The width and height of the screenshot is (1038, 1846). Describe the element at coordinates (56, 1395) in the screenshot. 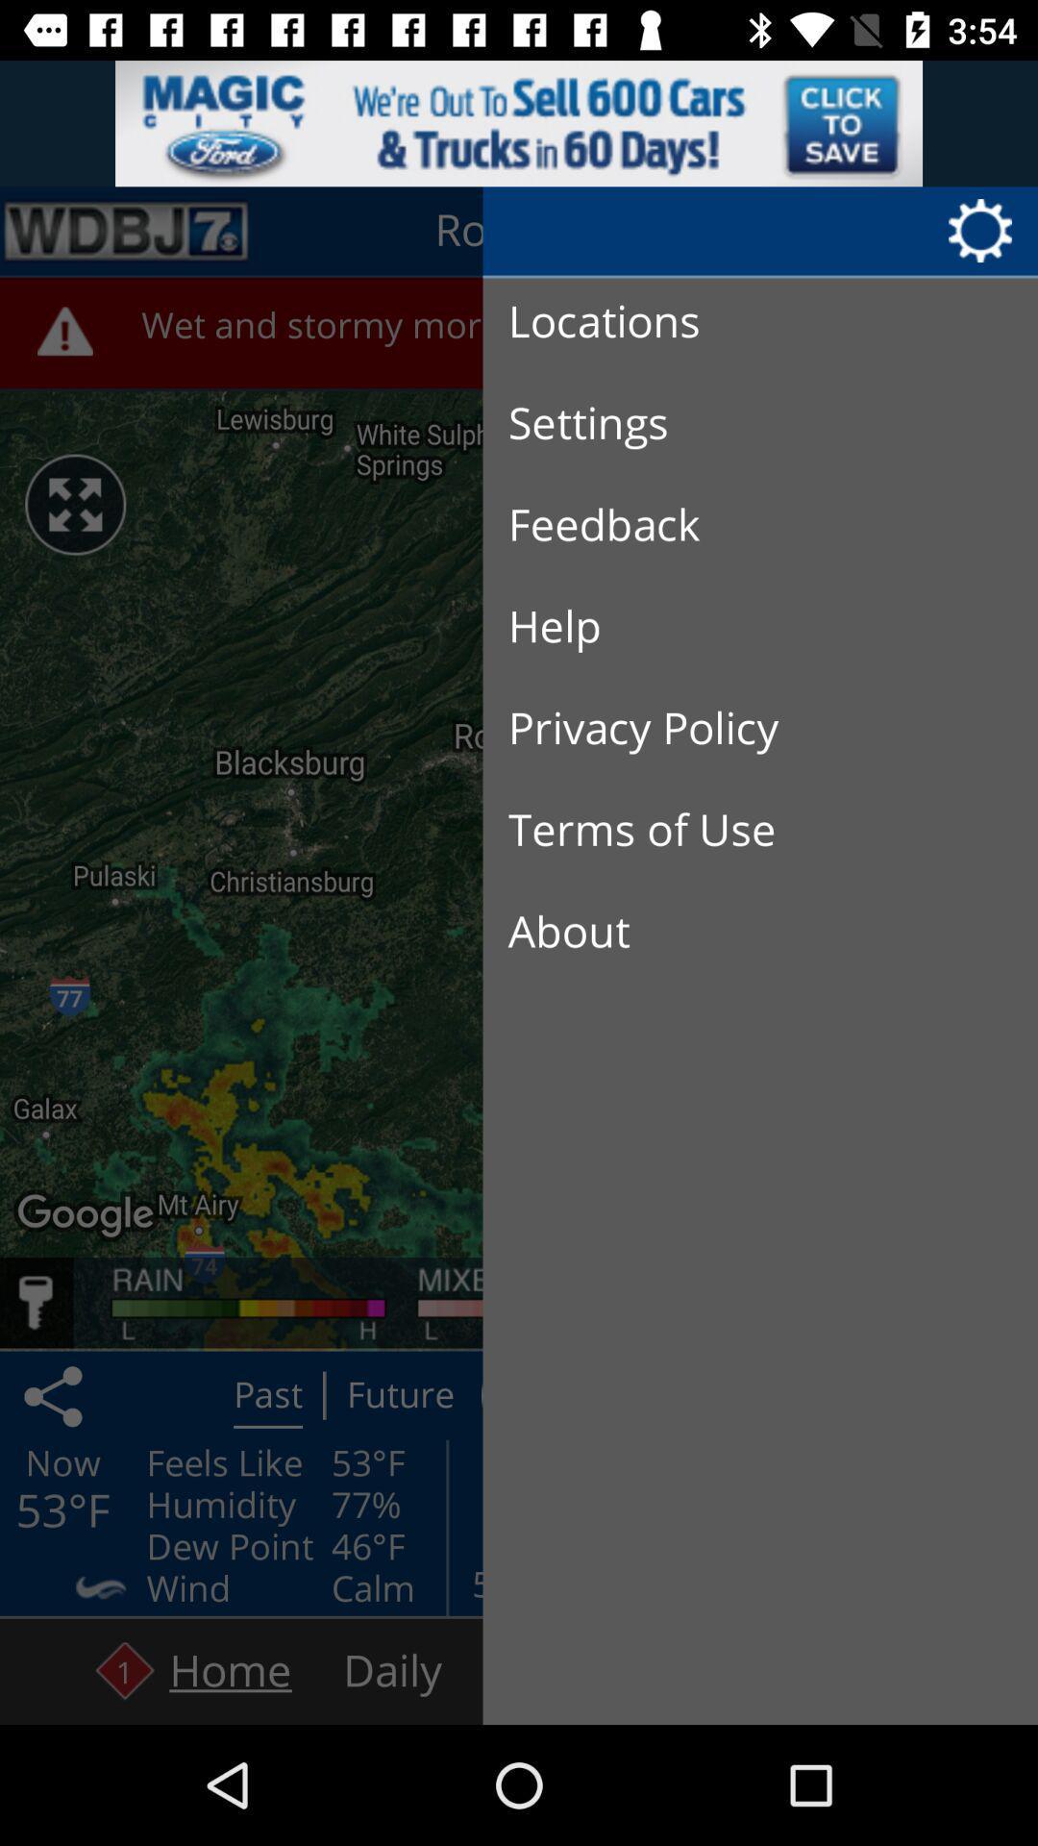

I see `the share icon` at that location.